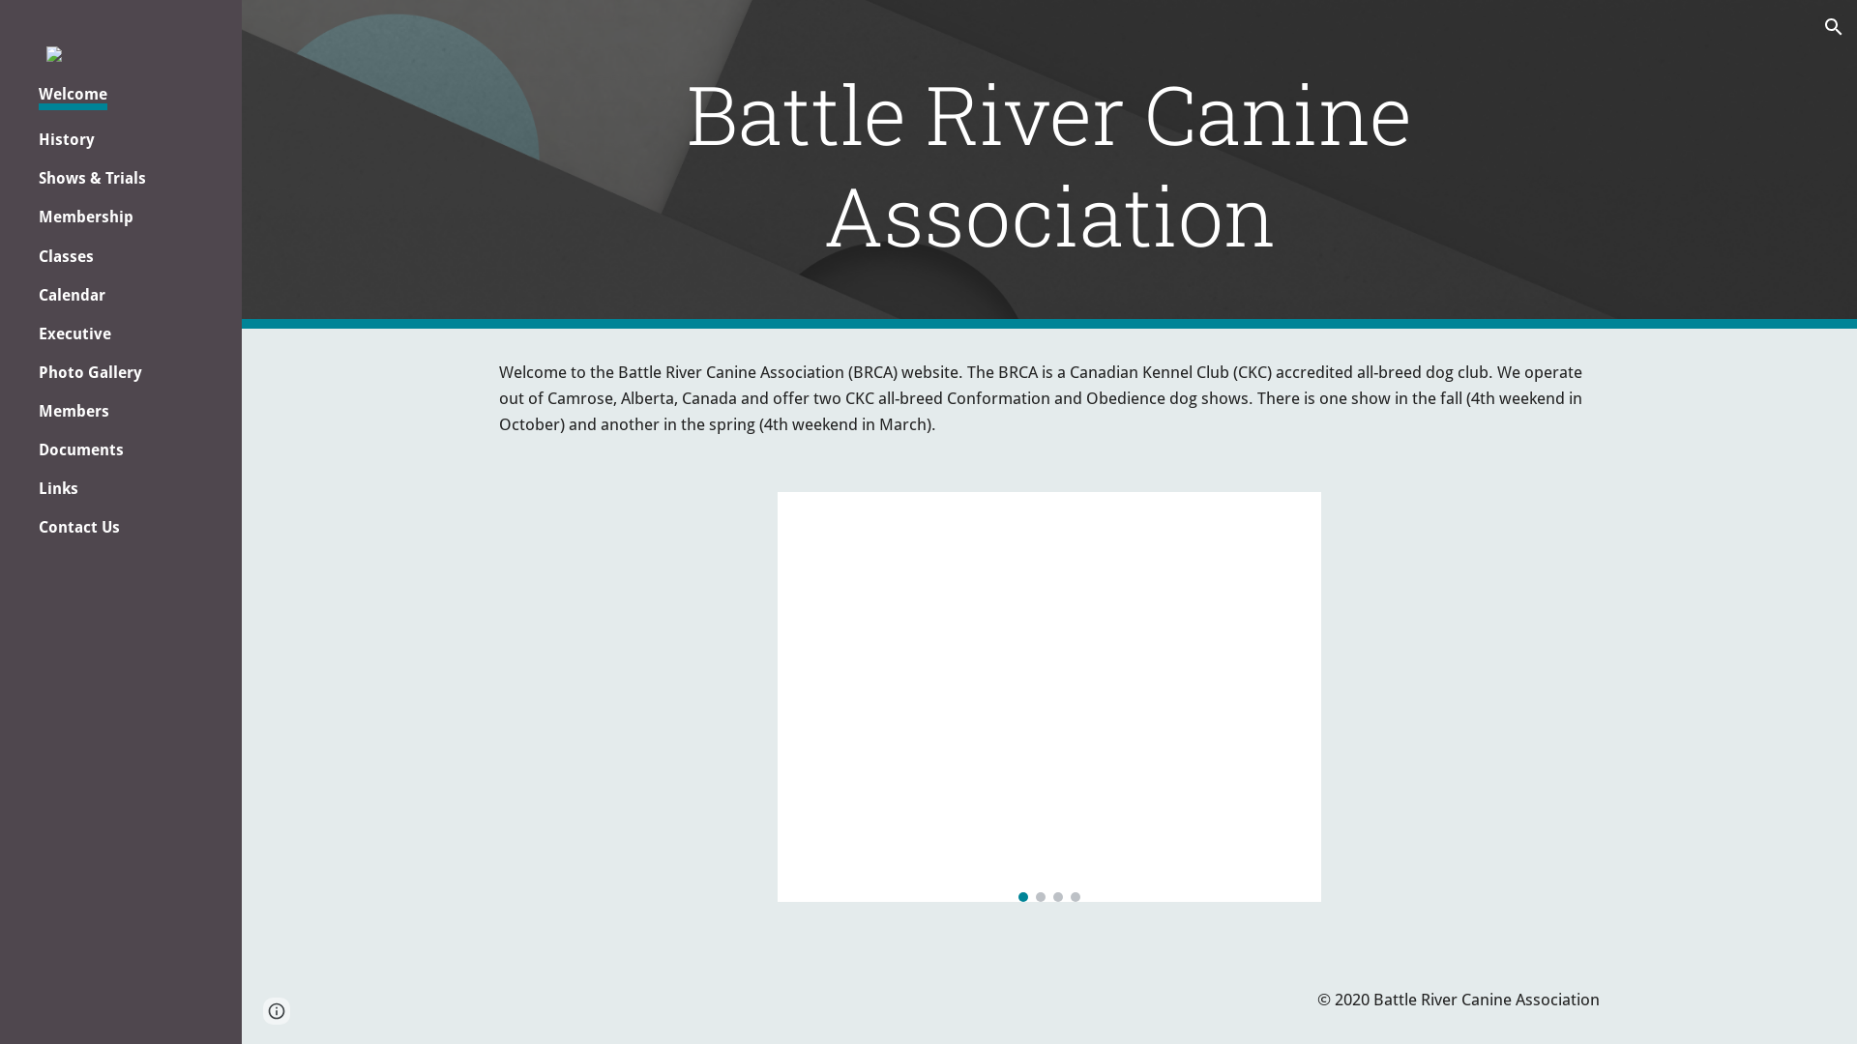 This screenshot has height=1044, width=1857. I want to click on 'Welcome', so click(73, 97).